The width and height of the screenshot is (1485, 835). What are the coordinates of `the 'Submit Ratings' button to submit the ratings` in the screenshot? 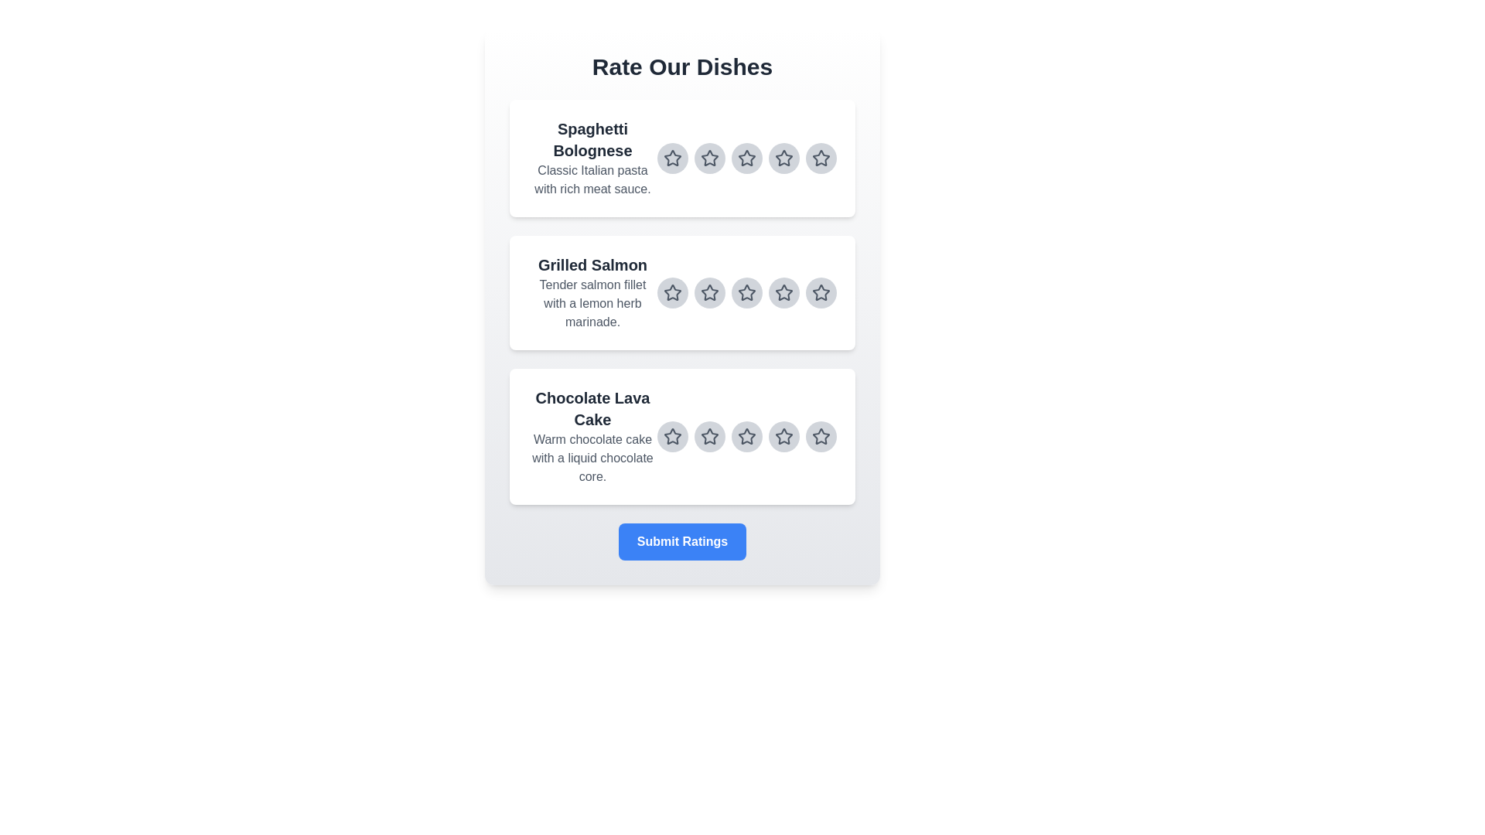 It's located at (681, 541).